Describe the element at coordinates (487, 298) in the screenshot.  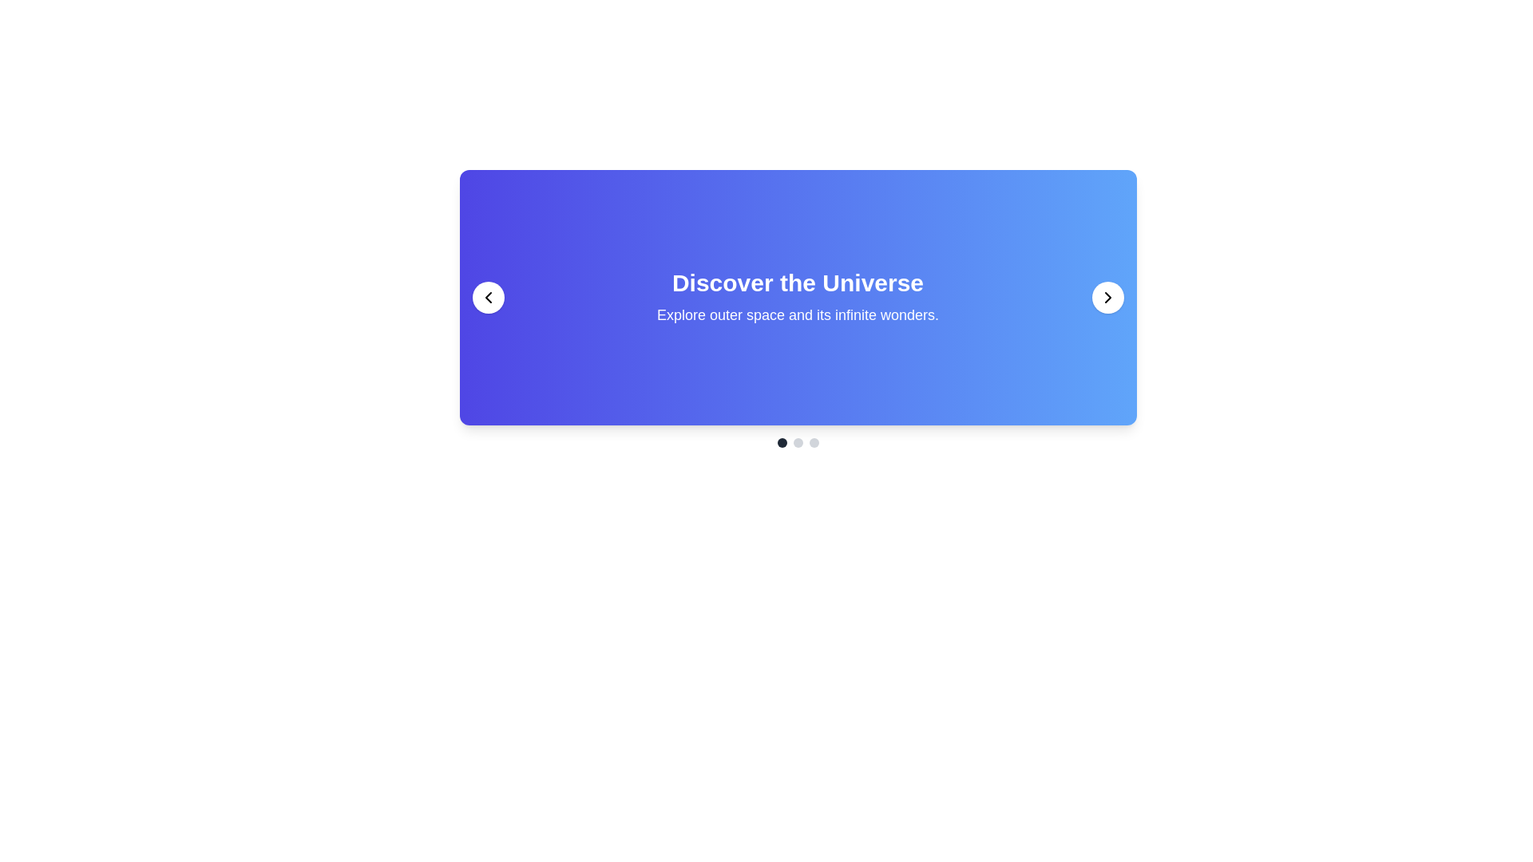
I see `the backward navigation icon located inside a circular button on the left-hand side of the carousel` at that location.